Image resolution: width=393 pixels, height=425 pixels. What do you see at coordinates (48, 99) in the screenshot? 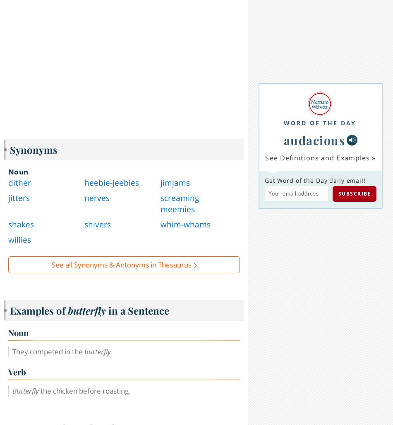
I see `'Can you solve 4 words at once?'` at bounding box center [48, 99].